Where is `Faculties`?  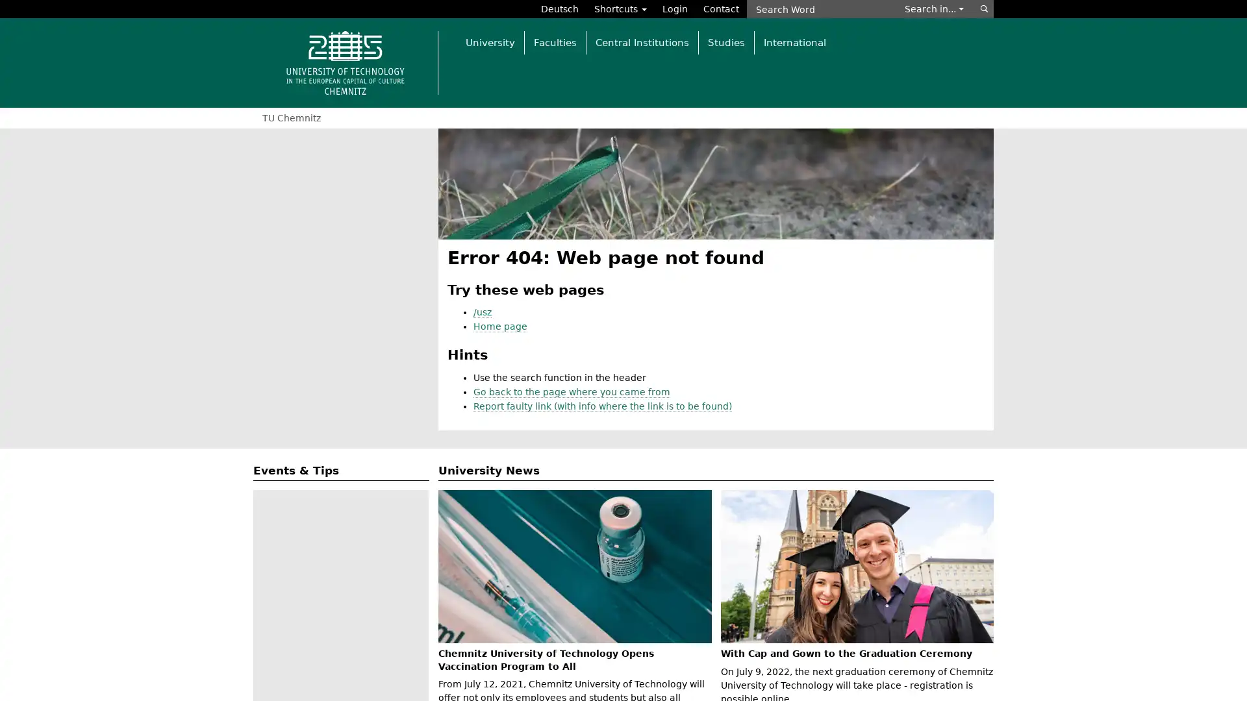
Faculties is located at coordinates (555, 42).